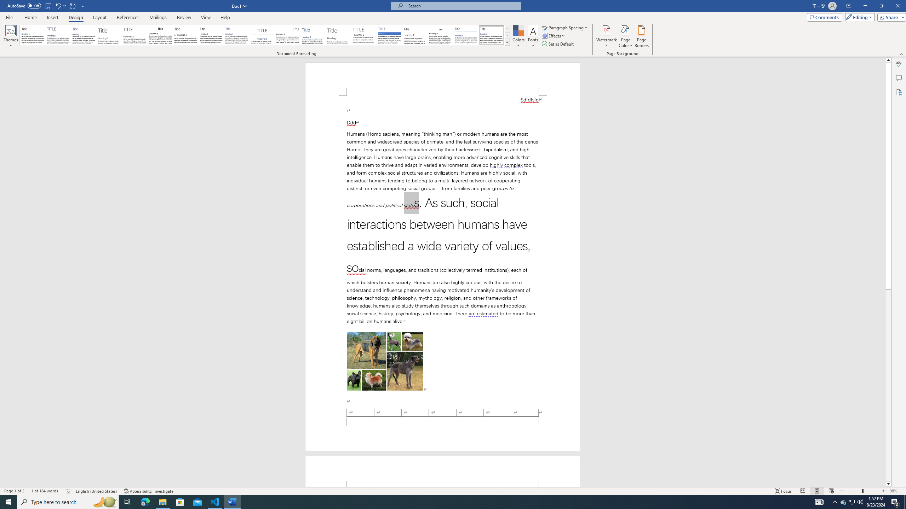 The width and height of the screenshot is (906, 509). Describe the element at coordinates (507, 28) in the screenshot. I see `'Row up'` at that location.